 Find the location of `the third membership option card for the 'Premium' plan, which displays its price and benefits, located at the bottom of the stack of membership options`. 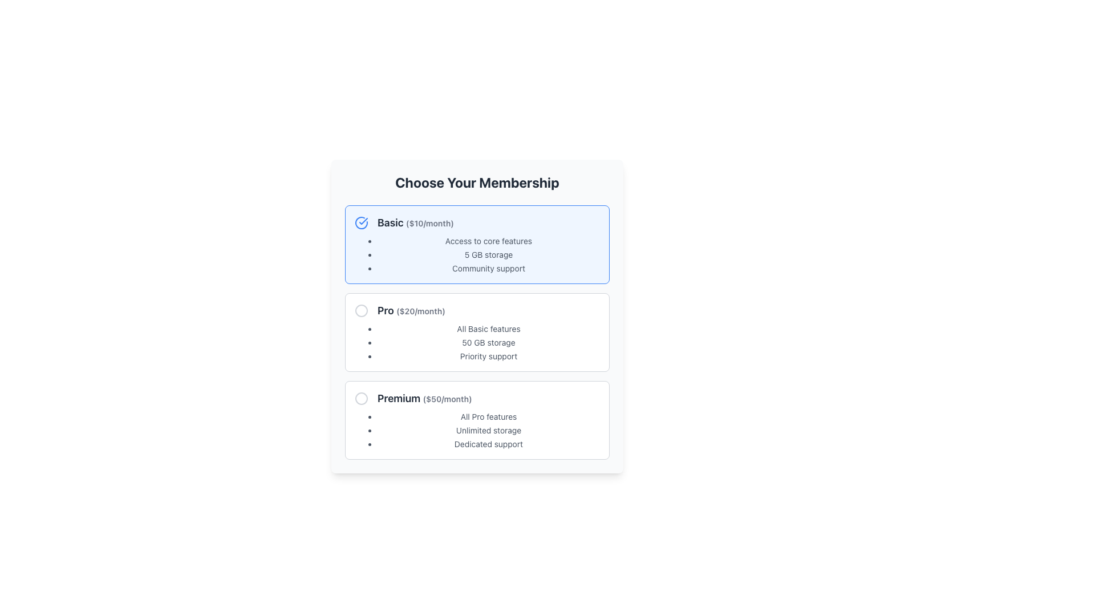

the third membership option card for the 'Premium' plan, which displays its price and benefits, located at the bottom of the stack of membership options is located at coordinates (477, 420).